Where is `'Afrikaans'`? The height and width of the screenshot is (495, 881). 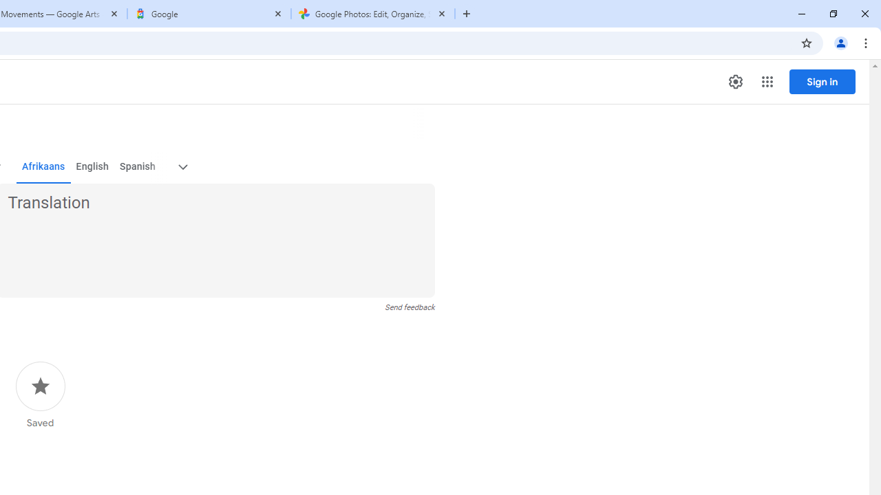
'Afrikaans' is located at coordinates (43, 166).